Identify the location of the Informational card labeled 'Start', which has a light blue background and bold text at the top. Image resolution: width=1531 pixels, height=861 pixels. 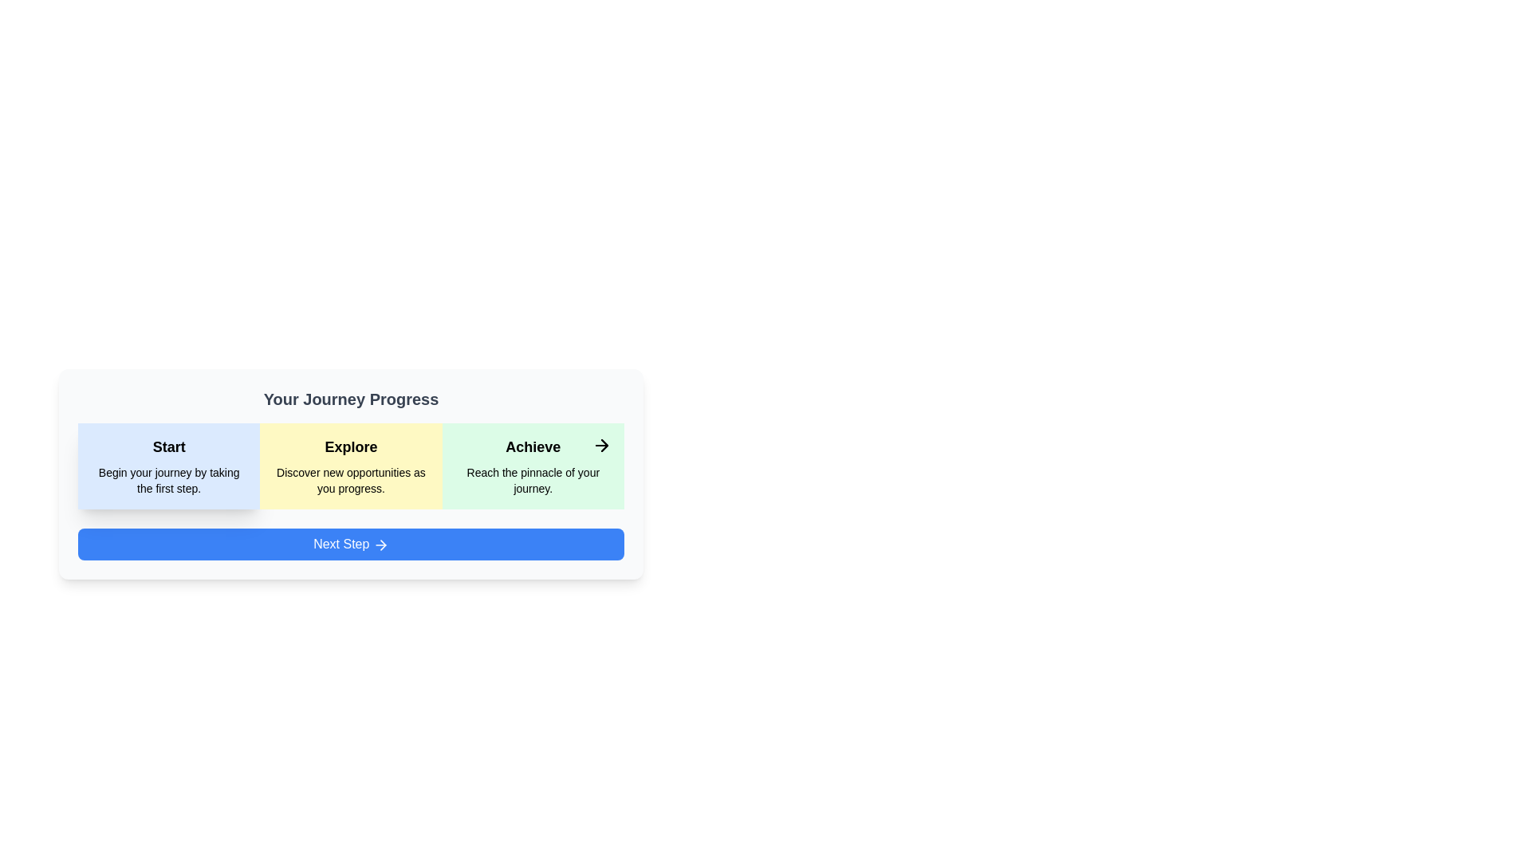
(169, 466).